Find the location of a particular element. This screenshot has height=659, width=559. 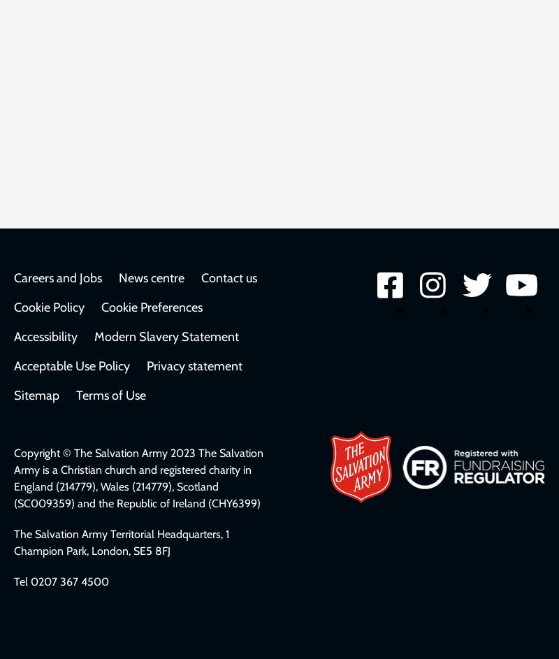

'Acceptable Use Policy' is located at coordinates (71, 366).